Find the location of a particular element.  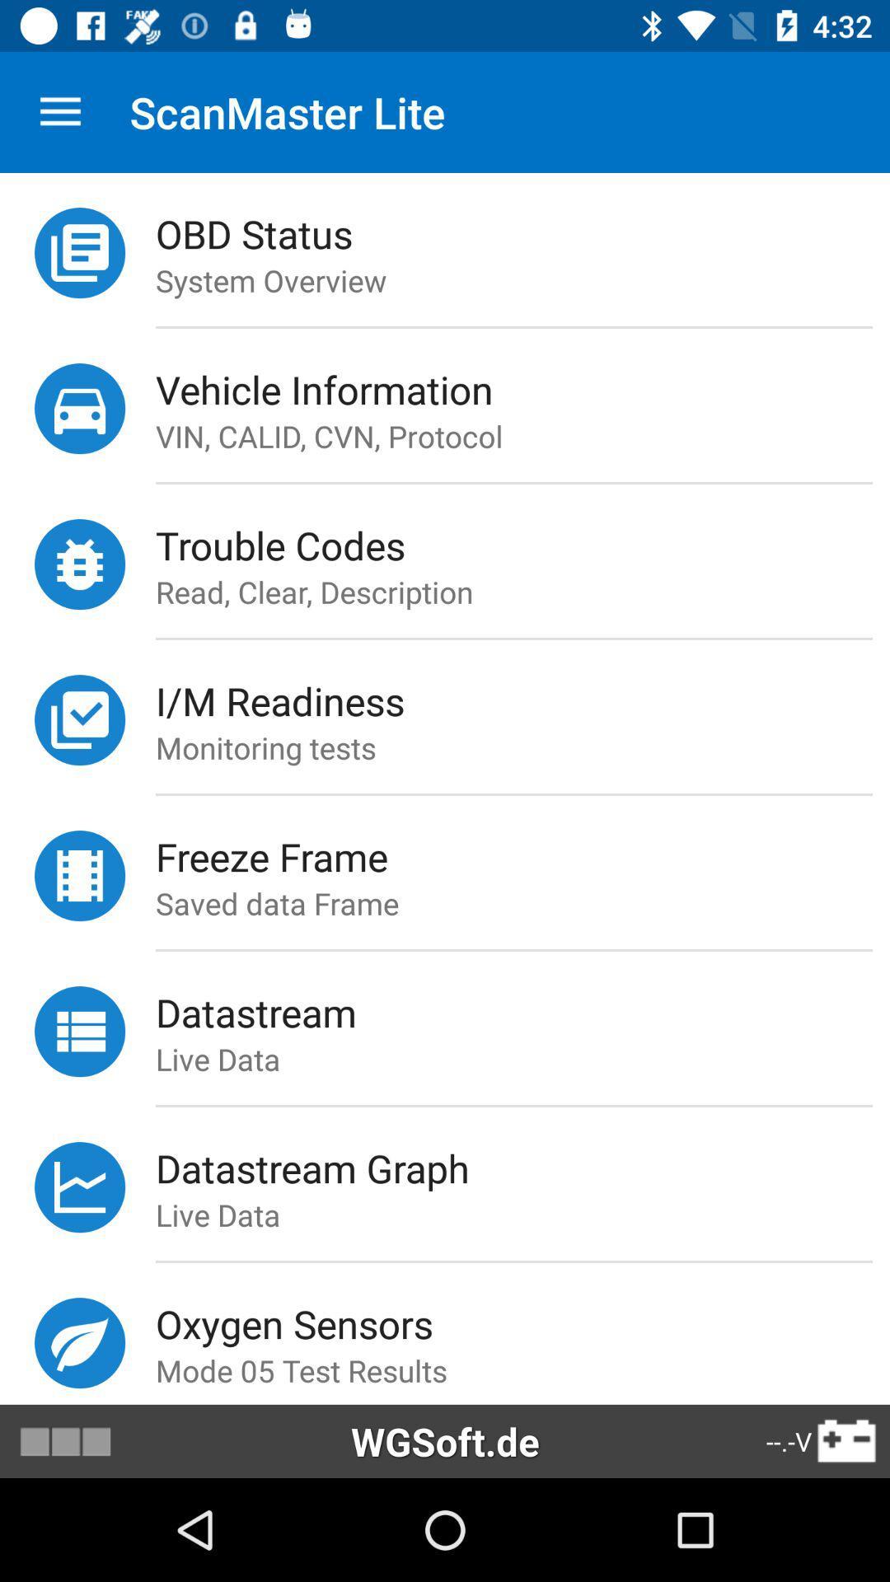

system overview icon is located at coordinates (522, 280).